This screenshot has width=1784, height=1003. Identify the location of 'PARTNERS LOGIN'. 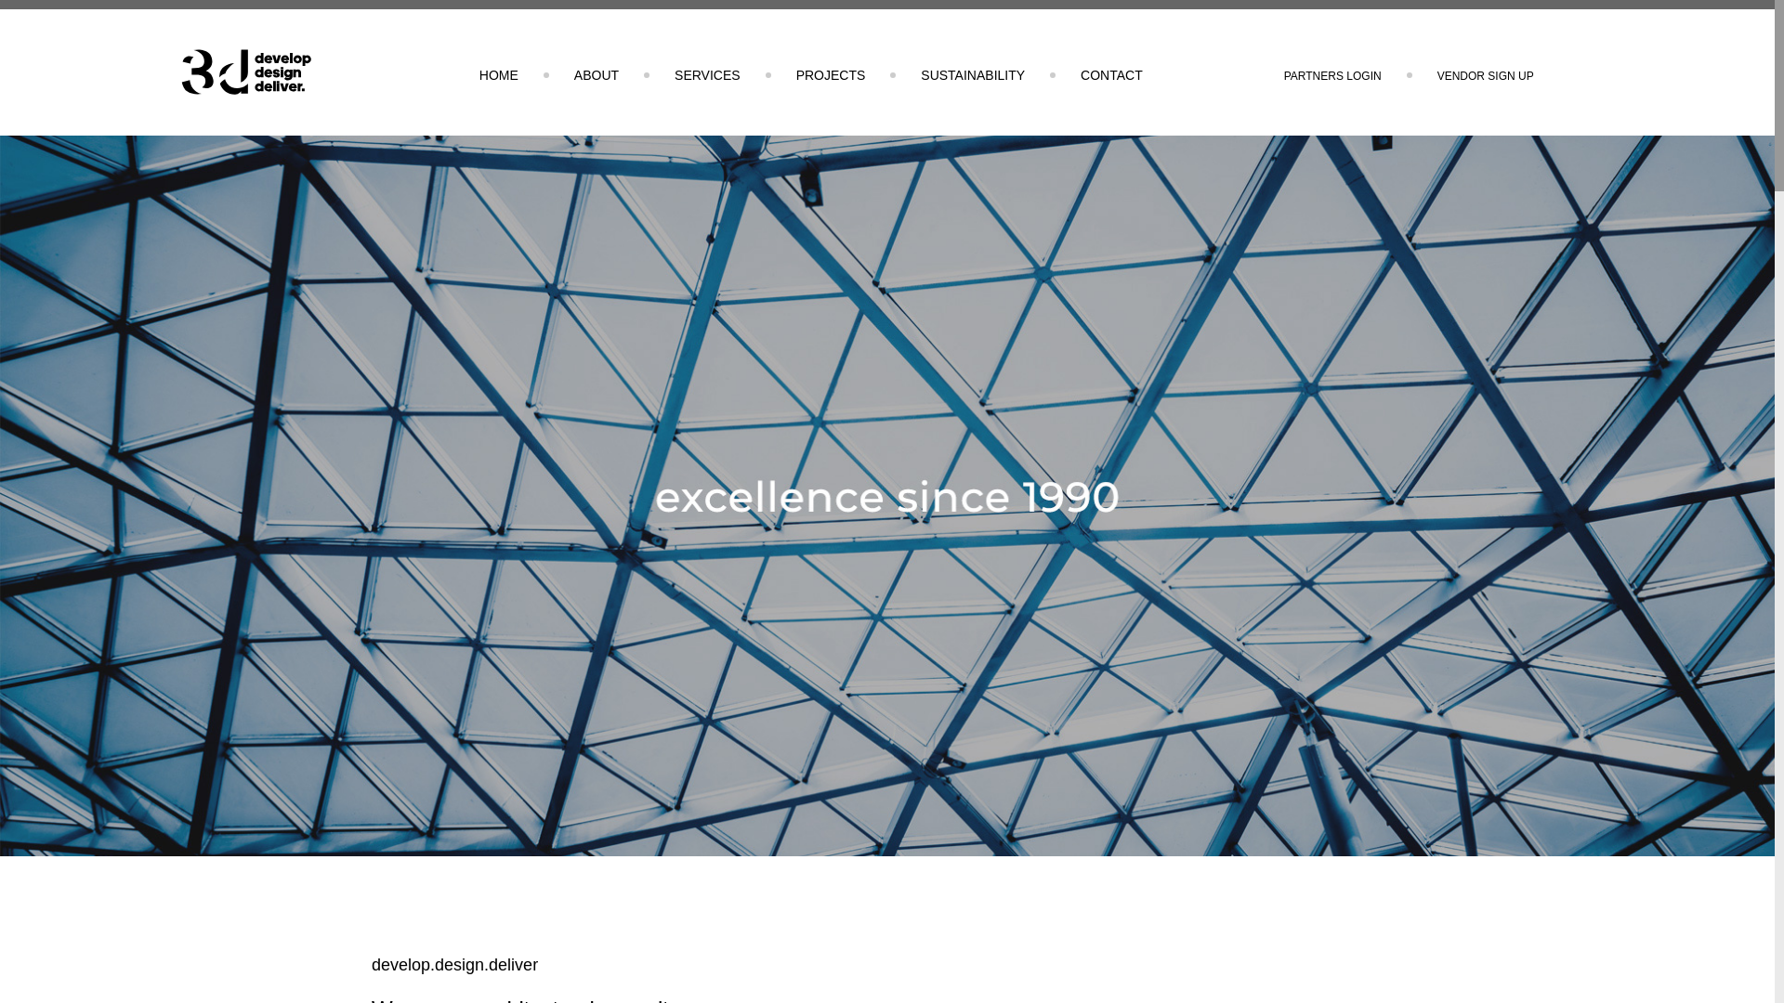
(1331, 74).